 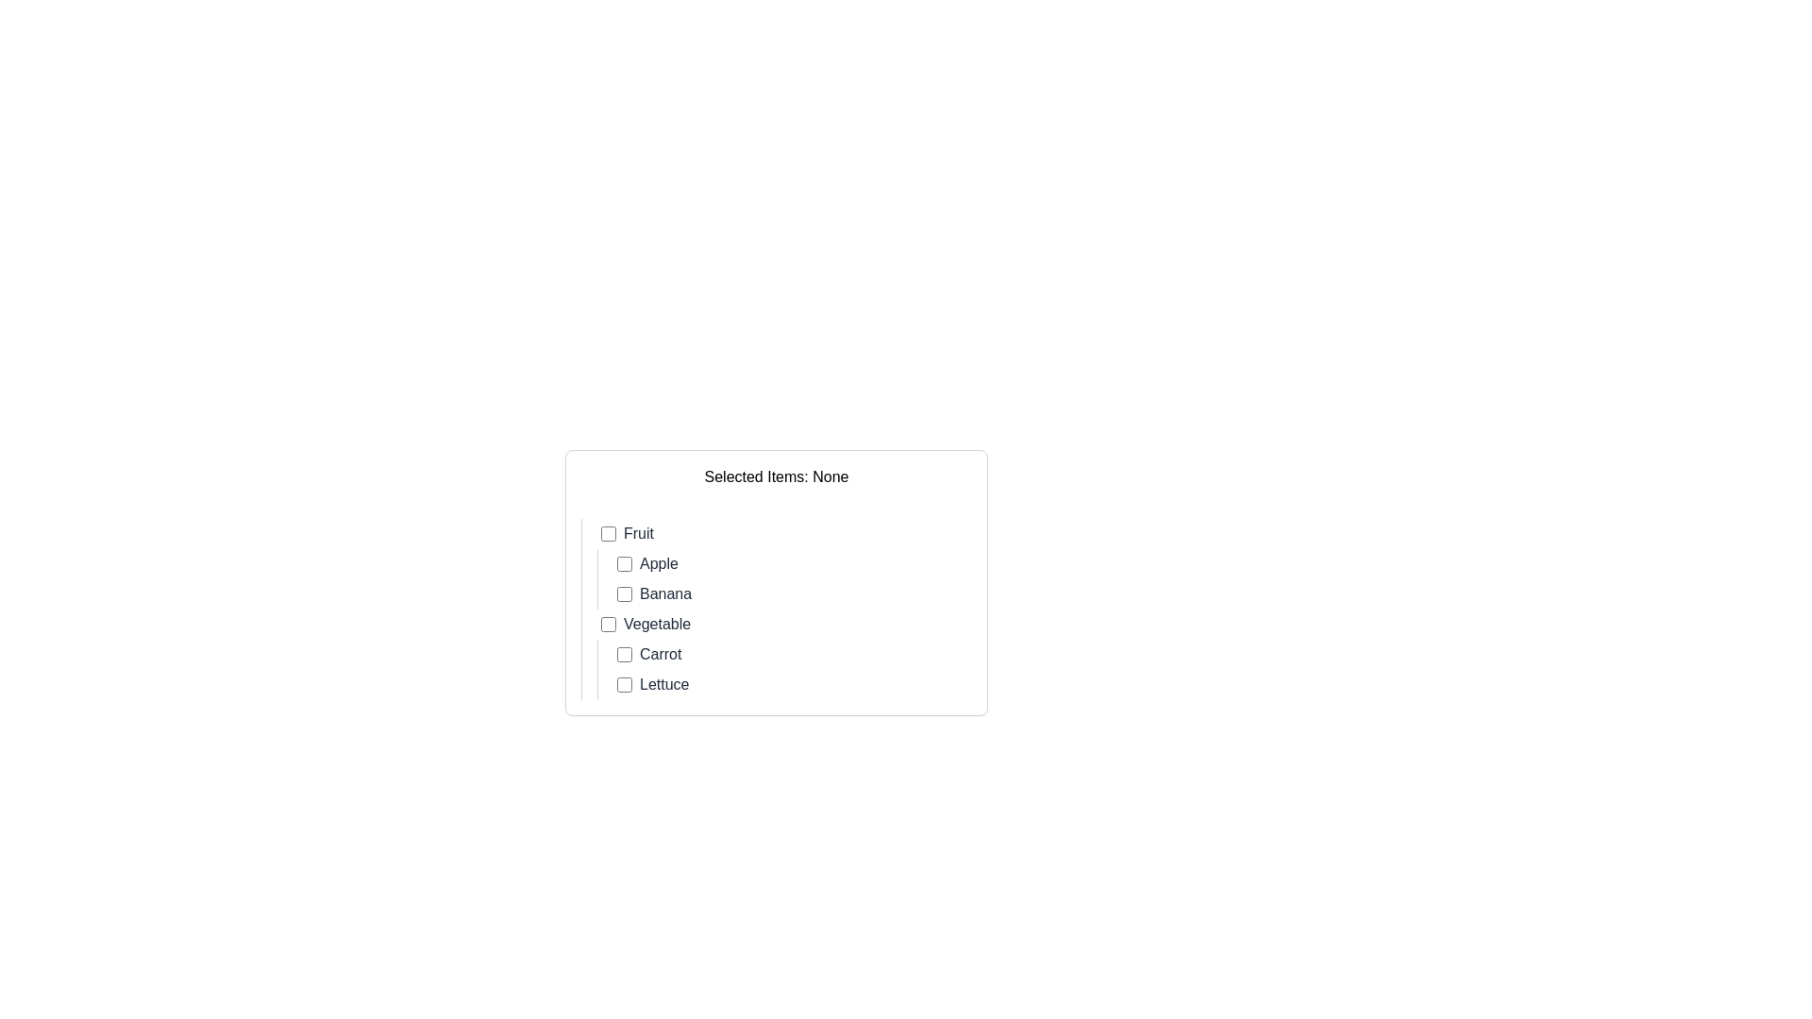 I want to click on the checkbox labeled 'Lettuce' located in the lower portion of the hierarchical list under the 'Vegetable' section, so click(x=793, y=684).